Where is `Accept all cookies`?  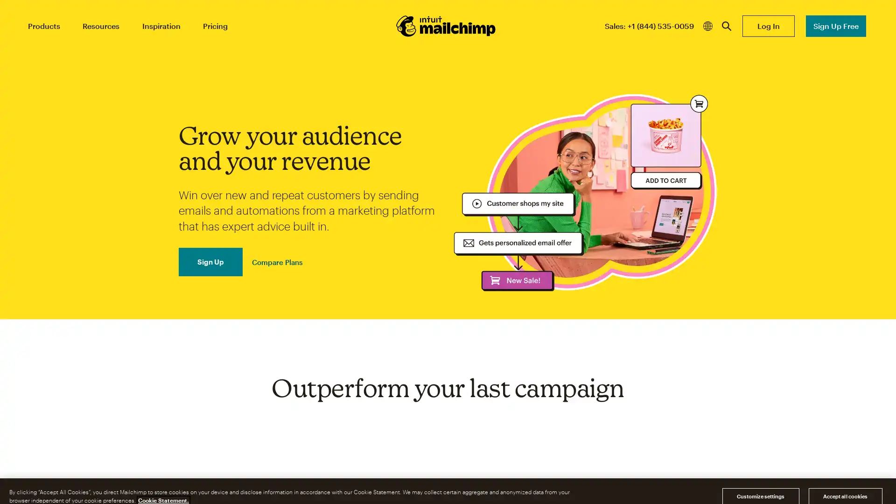 Accept all cookies is located at coordinates (845, 485).